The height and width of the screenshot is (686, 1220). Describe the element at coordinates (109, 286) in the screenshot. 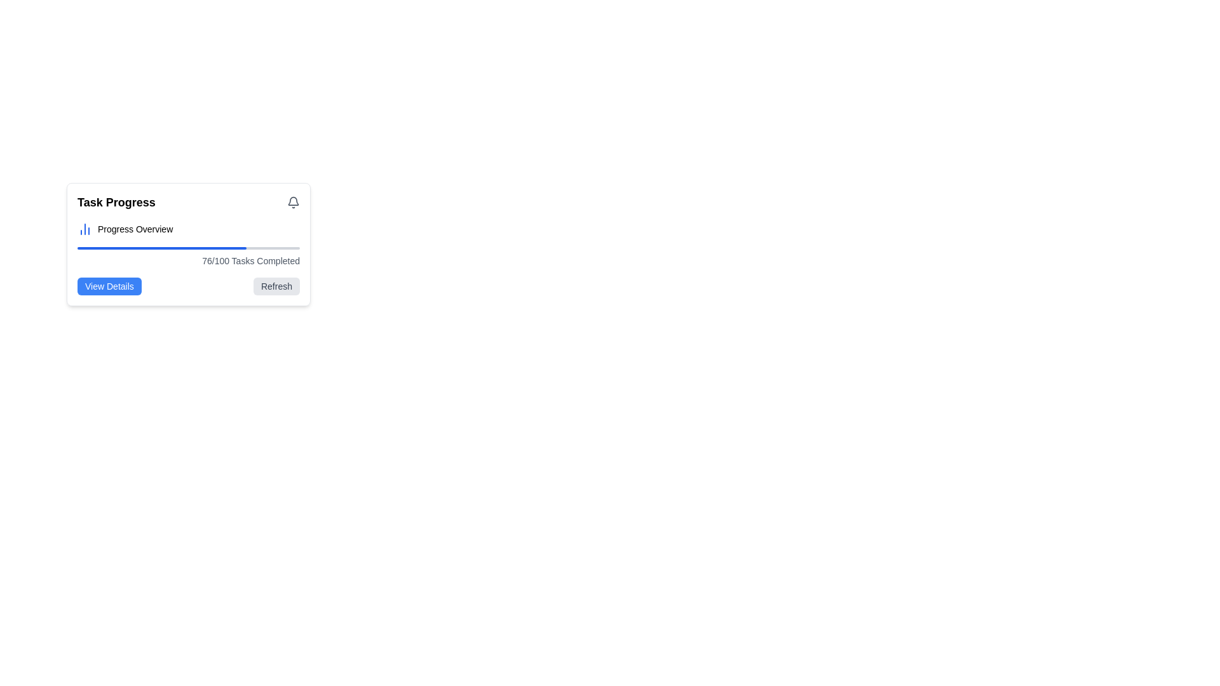

I see `the 'View Details' button with a blue background and white text` at that location.